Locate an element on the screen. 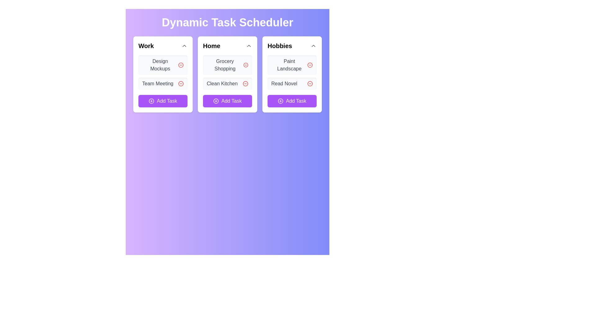  the Text label displaying 'Paint Landscape' located in the upper section of the 'Hobbies' card, which is the first task listed and positioned above the 'Read Novel' task is located at coordinates (289, 65).